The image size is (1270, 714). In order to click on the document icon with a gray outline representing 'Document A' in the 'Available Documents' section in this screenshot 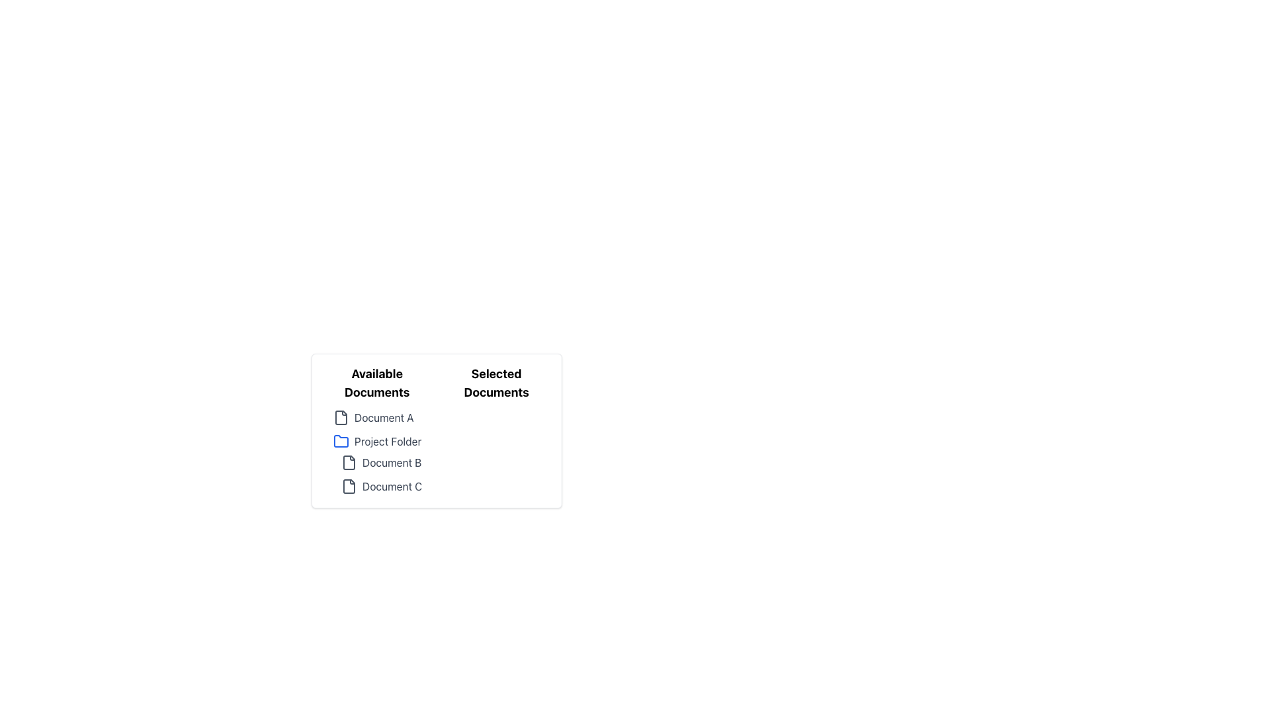, I will do `click(341, 418)`.